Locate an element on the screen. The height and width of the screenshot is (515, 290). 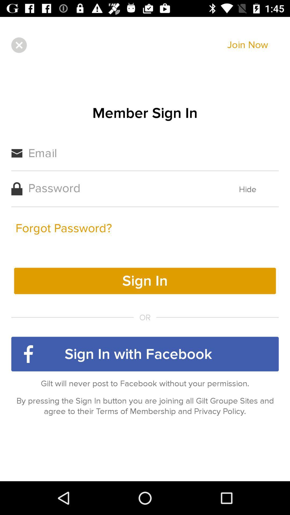
password area is located at coordinates (122, 188).